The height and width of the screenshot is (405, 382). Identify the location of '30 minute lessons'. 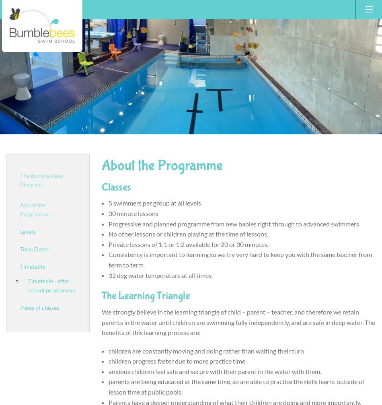
(133, 212).